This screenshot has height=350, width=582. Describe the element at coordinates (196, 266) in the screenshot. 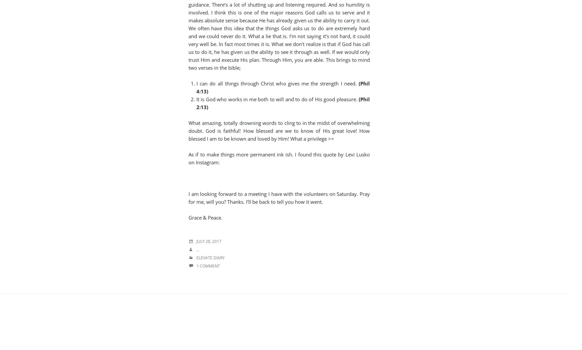

I see `'1 Comment'` at that location.